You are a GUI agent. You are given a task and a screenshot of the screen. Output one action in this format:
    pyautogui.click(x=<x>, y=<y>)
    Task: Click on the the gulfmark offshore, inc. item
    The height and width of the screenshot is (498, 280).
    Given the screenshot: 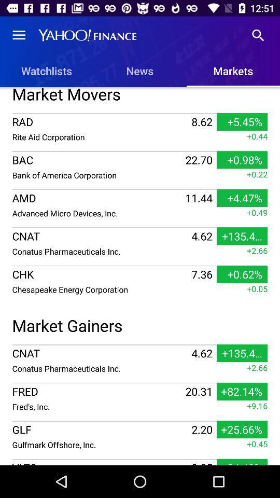 What is the action you would take?
    pyautogui.click(x=100, y=444)
    